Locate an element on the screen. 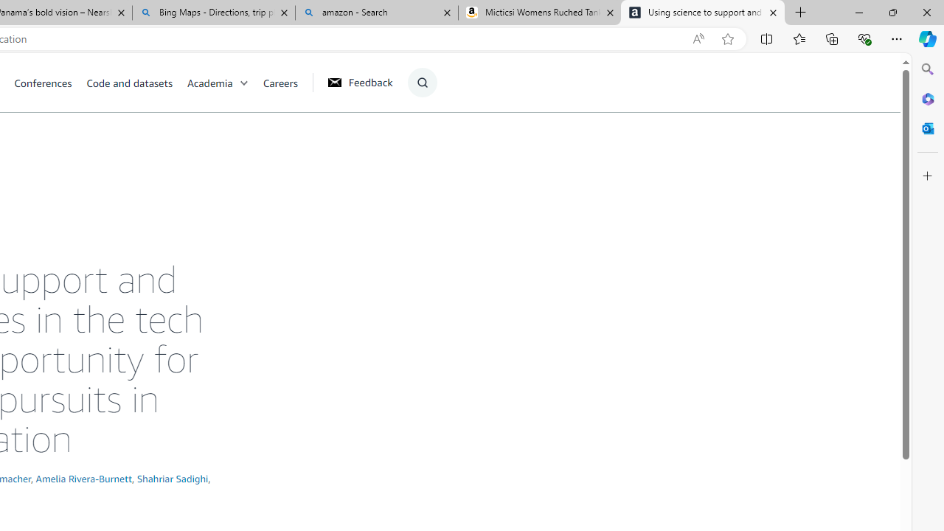  'Careers' is located at coordinates (280, 82).